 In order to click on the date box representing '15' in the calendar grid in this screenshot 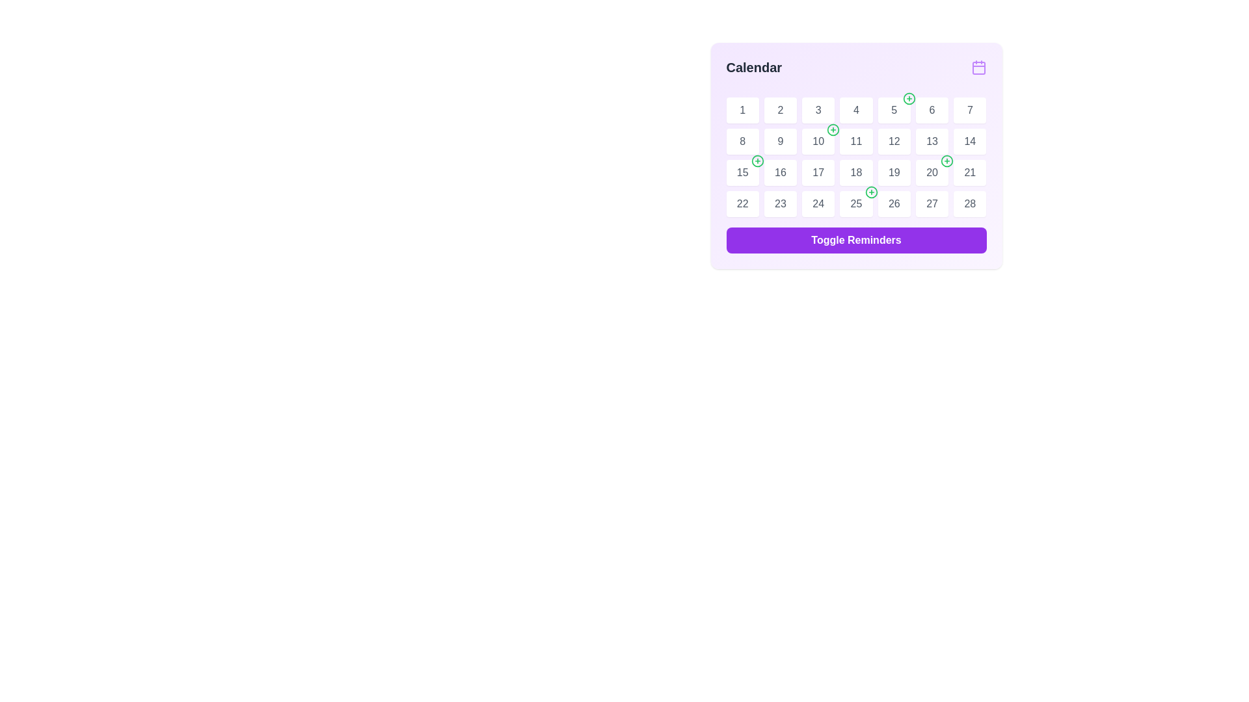, I will do `click(742, 172)`.